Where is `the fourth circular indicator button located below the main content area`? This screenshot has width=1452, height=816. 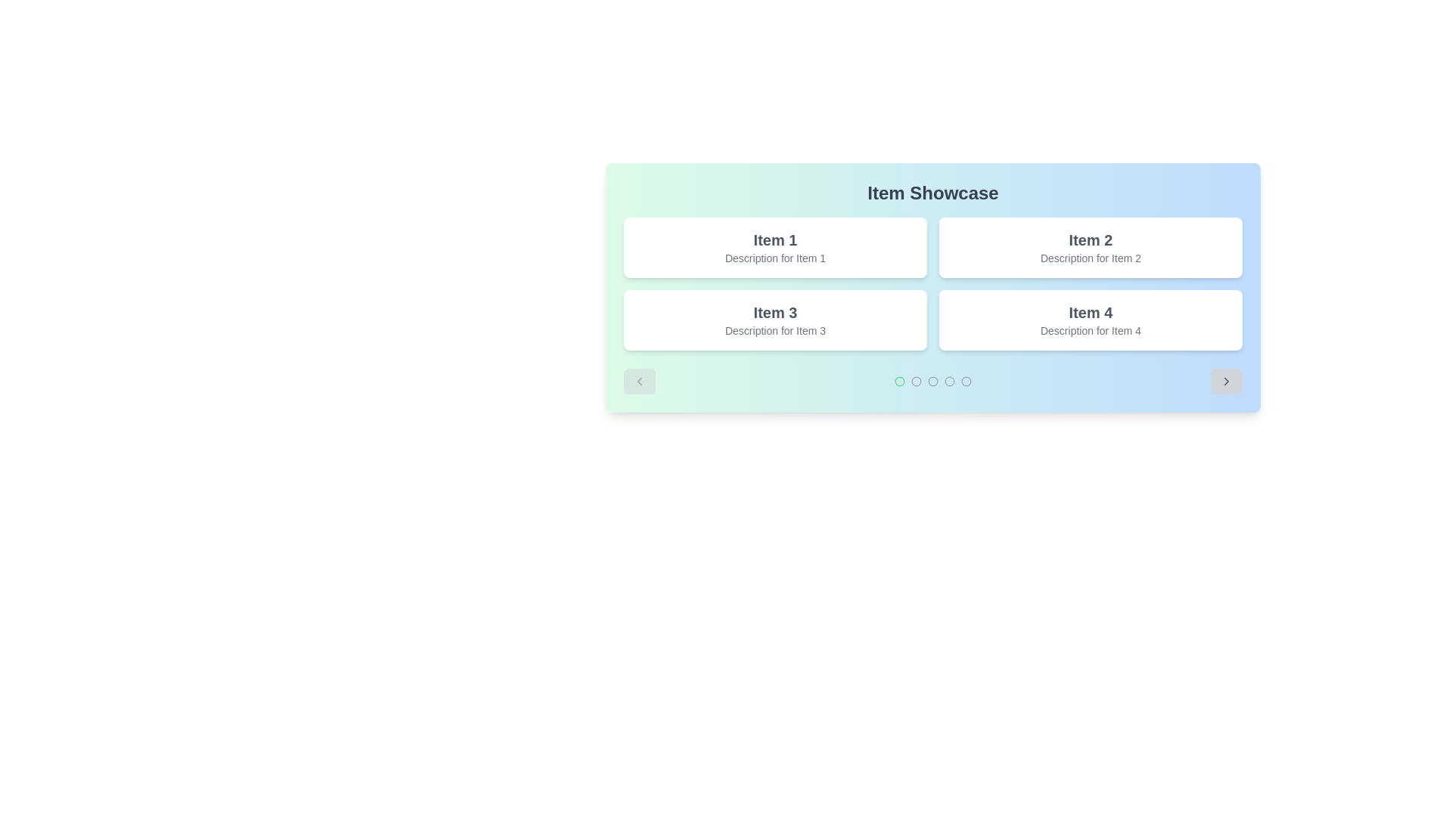 the fourth circular indicator button located below the main content area is located at coordinates (965, 381).